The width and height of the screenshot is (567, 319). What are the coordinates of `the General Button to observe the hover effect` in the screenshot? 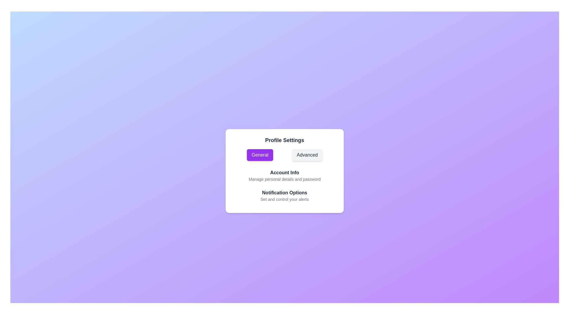 It's located at (260, 154).